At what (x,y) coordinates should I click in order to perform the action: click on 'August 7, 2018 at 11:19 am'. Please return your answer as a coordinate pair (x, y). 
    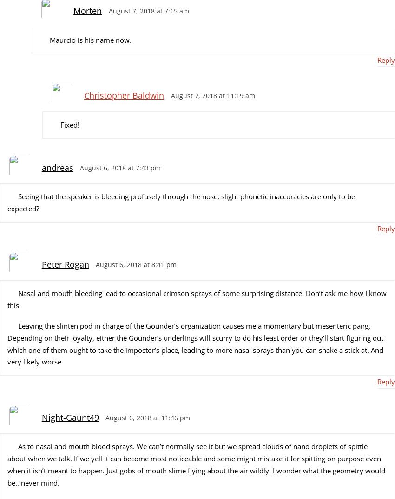
    Looking at the image, I should click on (212, 95).